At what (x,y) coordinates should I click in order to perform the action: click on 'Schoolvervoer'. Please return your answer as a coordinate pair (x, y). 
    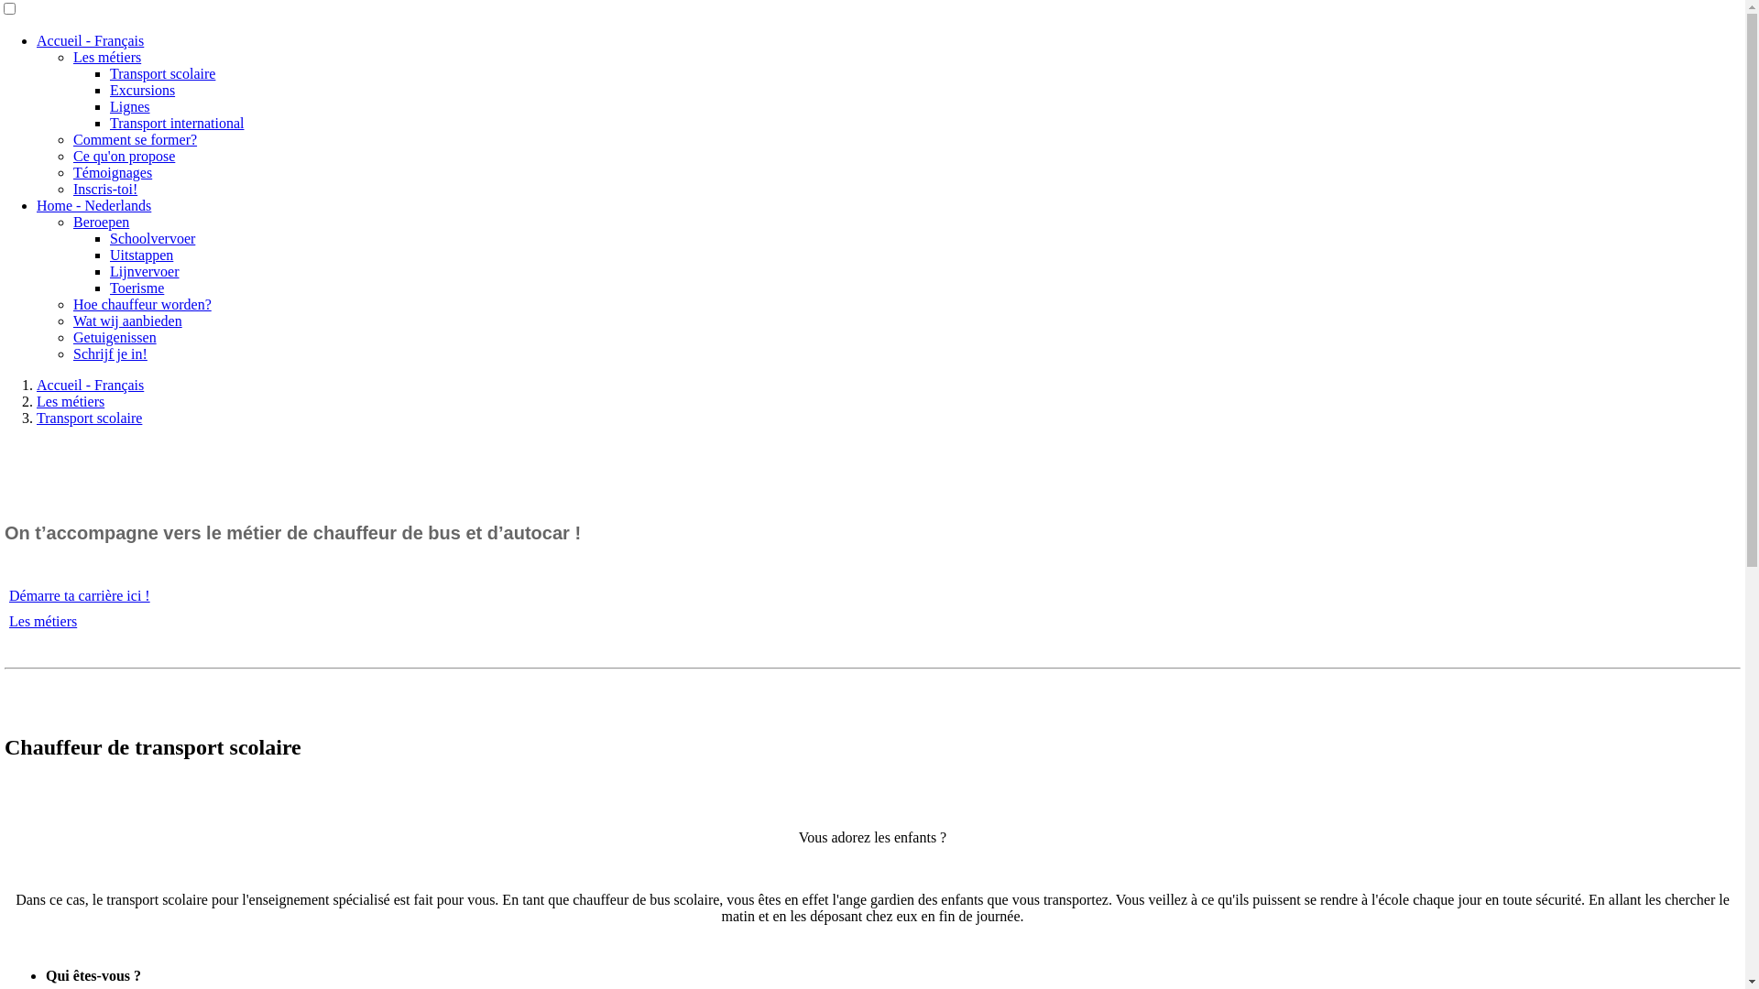
    Looking at the image, I should click on (152, 237).